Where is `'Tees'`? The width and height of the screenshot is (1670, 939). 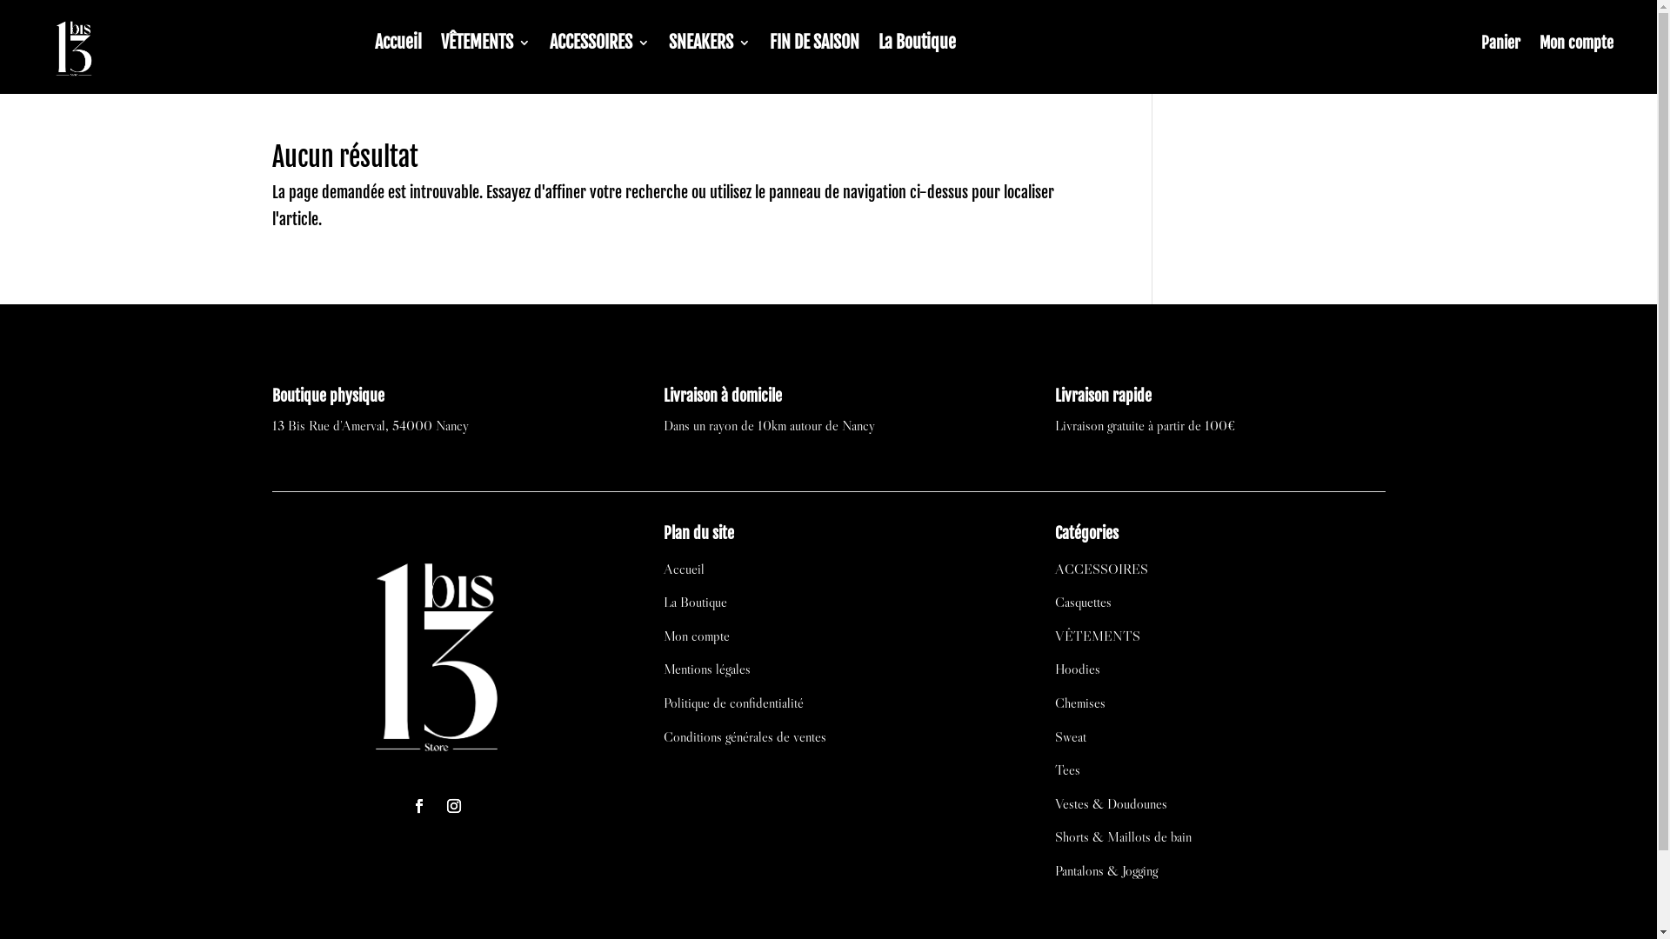
'Tees' is located at coordinates (1066, 768).